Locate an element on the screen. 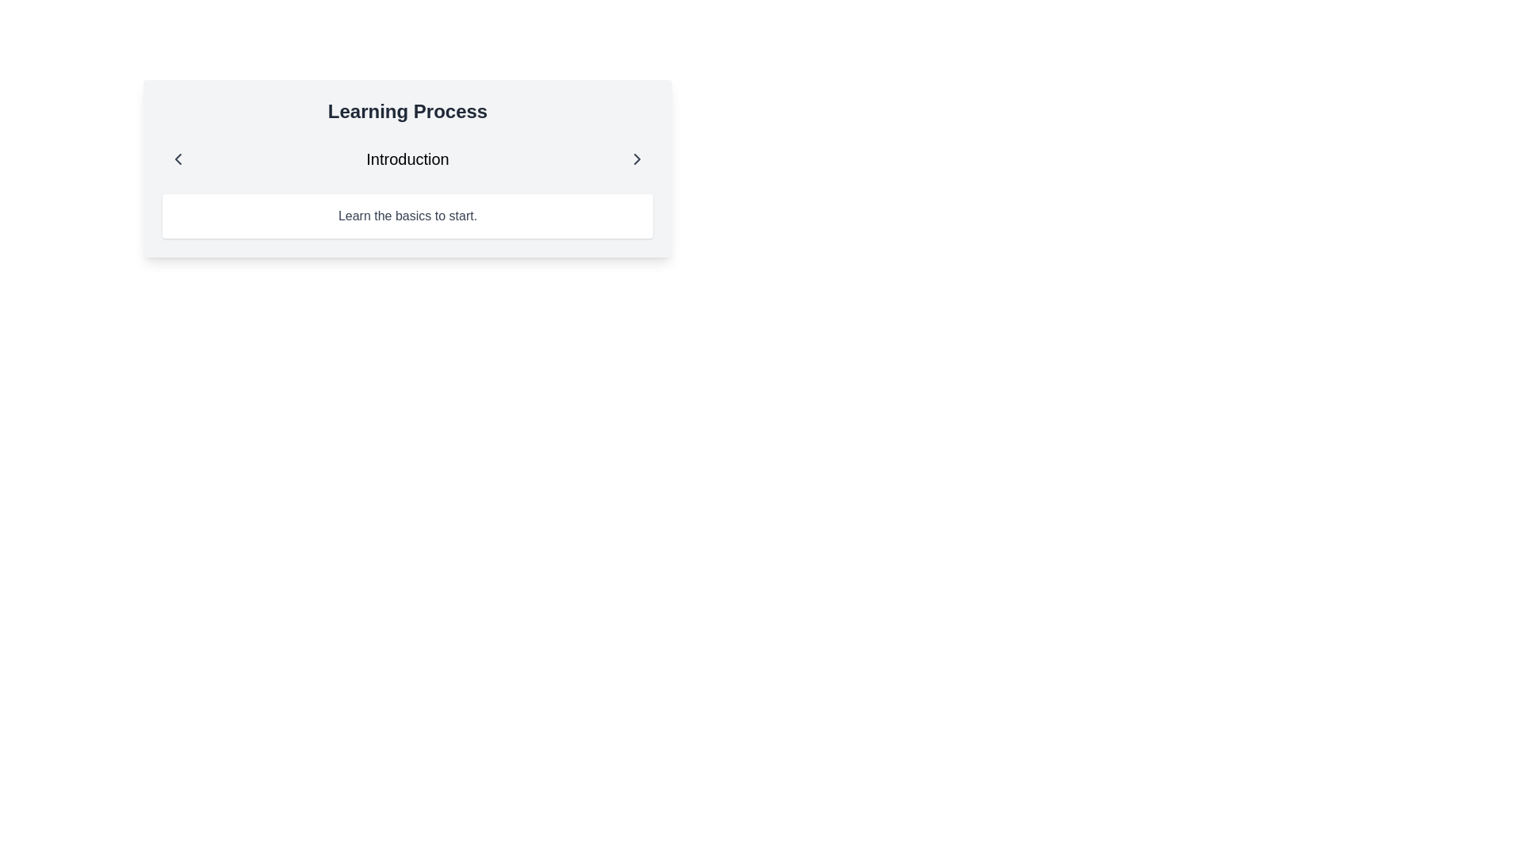  the left-pointing arrow icon, styled with dark color on a light background is located at coordinates (178, 159).